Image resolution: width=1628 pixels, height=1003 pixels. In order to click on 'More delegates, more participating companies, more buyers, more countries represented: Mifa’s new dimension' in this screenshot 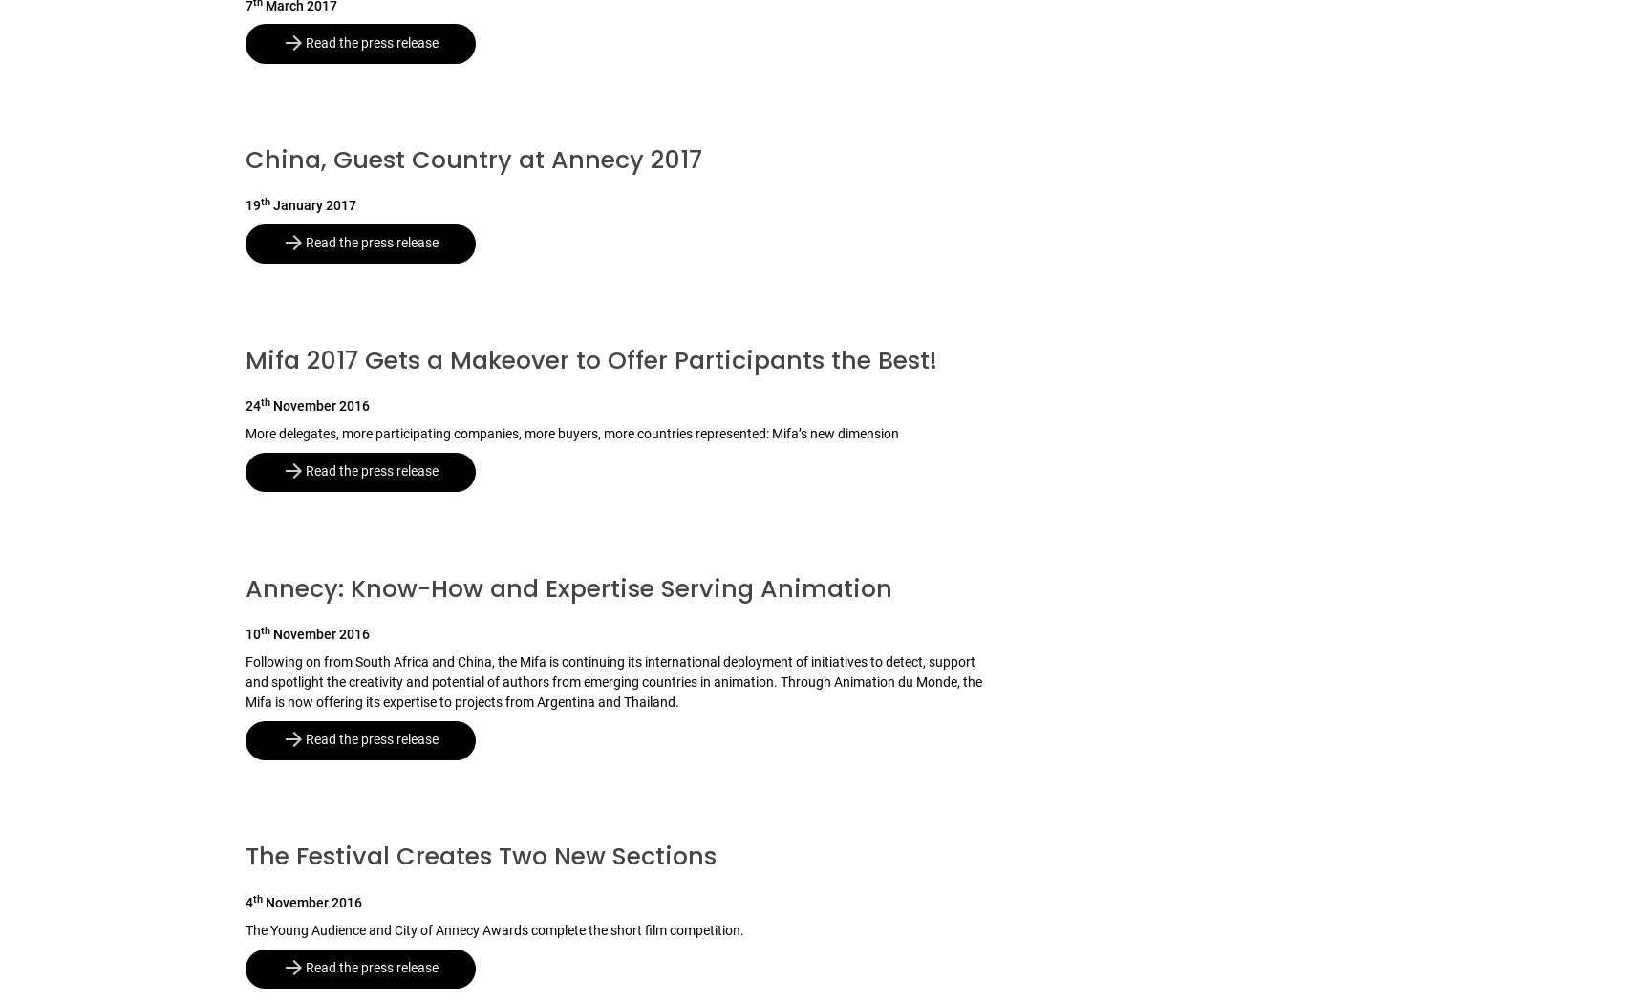, I will do `click(571, 434)`.